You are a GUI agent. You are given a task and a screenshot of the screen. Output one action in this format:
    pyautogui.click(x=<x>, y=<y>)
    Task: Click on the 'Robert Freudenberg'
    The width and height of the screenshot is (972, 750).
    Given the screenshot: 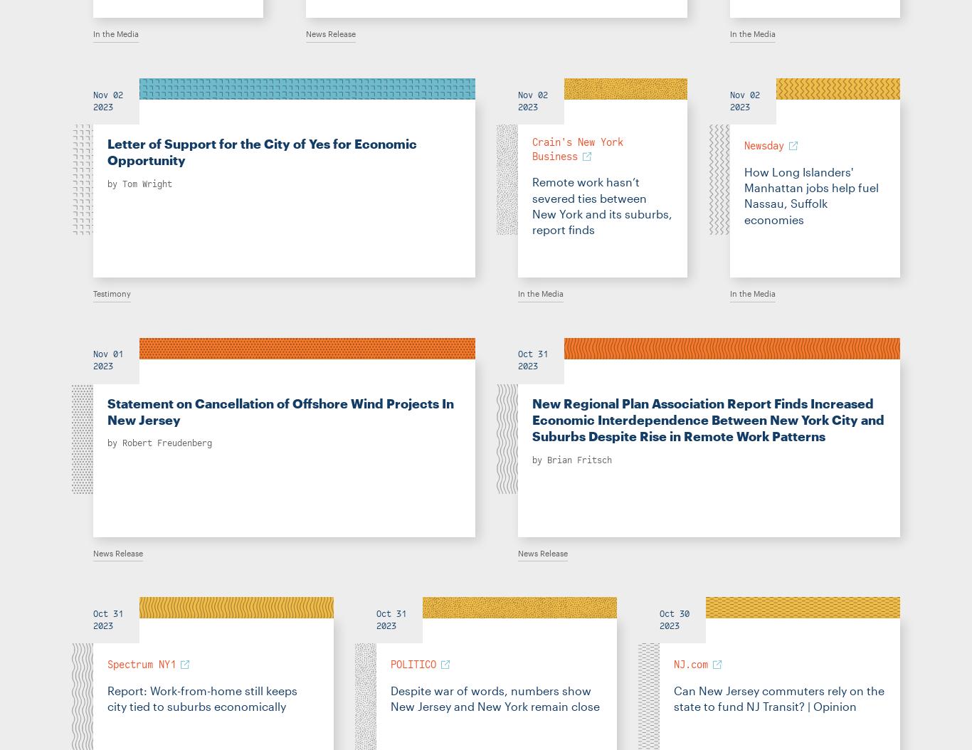 What is the action you would take?
    pyautogui.click(x=167, y=443)
    